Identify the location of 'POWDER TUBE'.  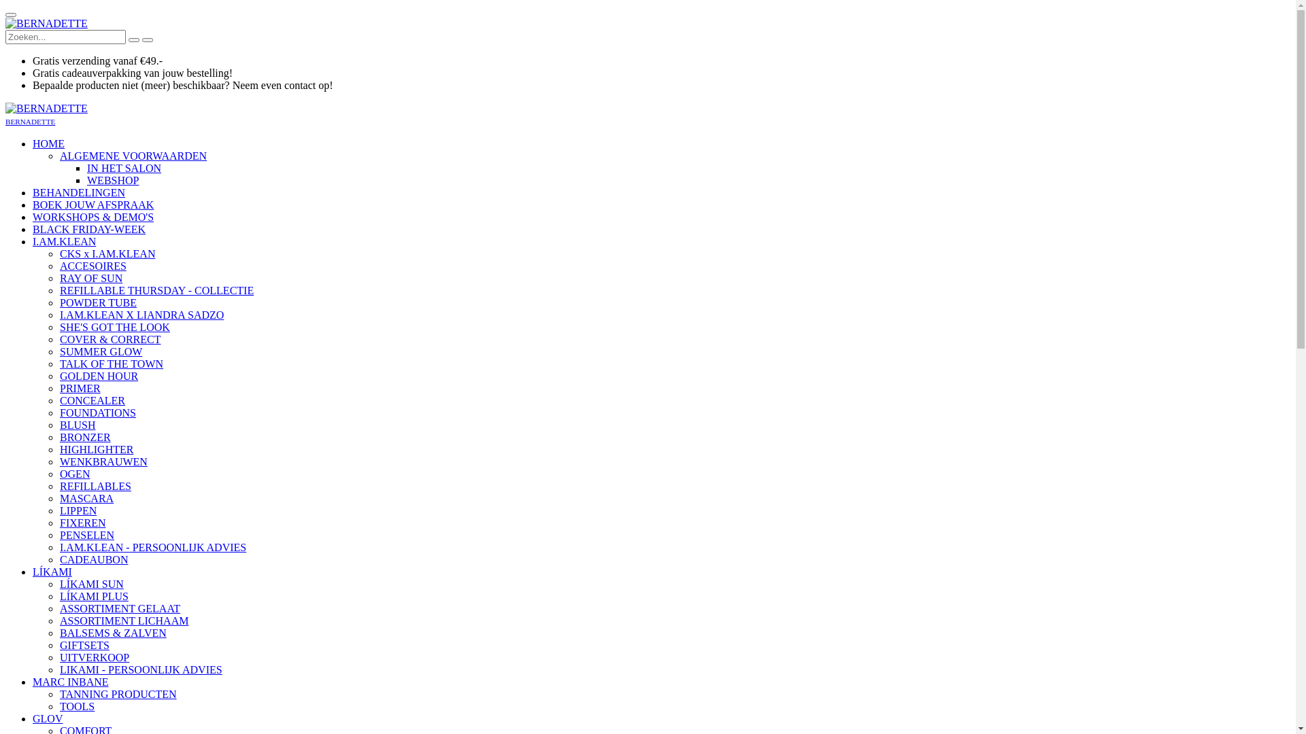
(97, 302).